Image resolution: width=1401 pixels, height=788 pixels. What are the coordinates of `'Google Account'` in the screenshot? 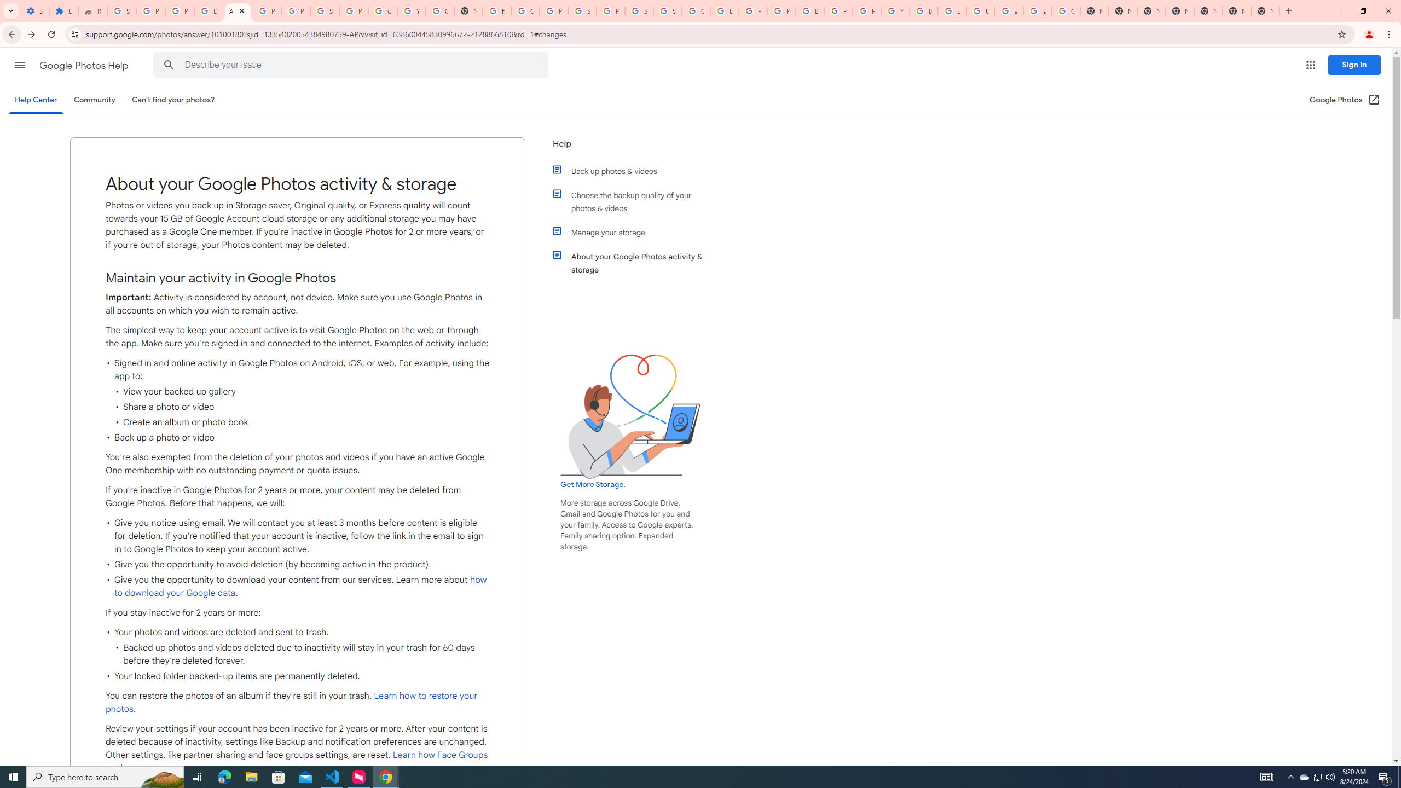 It's located at (381, 10).